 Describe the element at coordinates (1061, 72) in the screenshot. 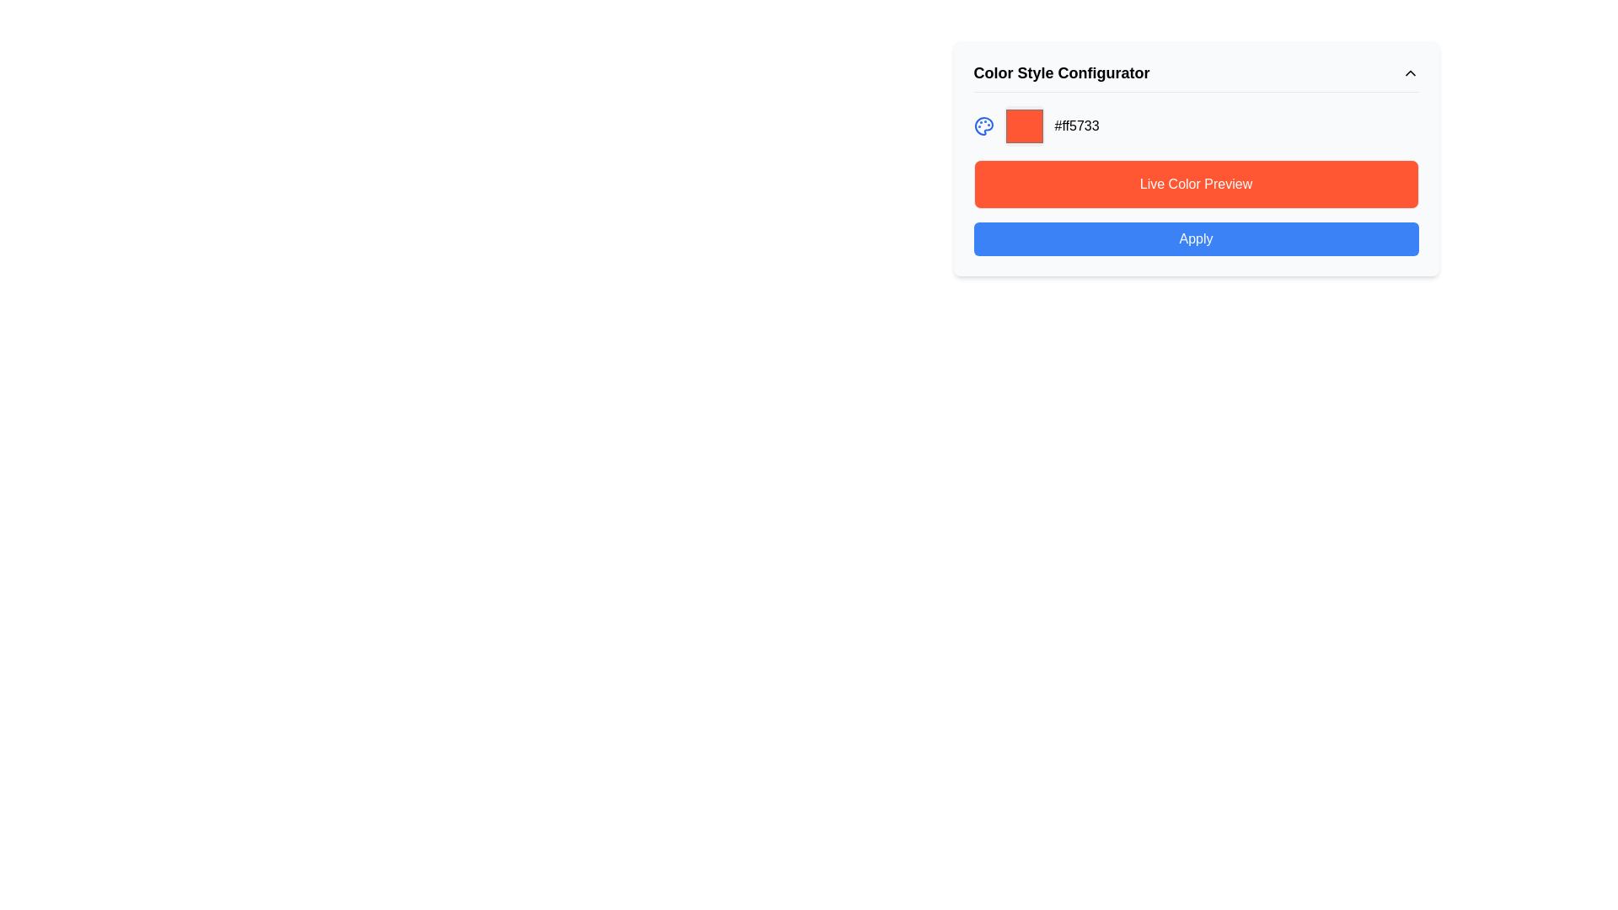

I see `the bold text label that reads 'Color Style Configurator', which is prominently displayed at the top section of the configurator interface` at that location.